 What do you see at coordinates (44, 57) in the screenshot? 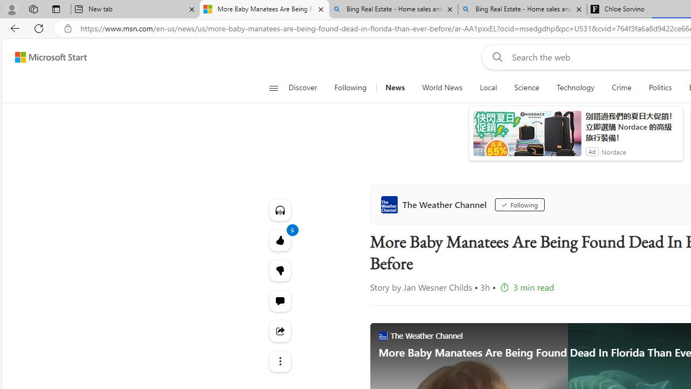
I see `'Skip to footer'` at bounding box center [44, 57].